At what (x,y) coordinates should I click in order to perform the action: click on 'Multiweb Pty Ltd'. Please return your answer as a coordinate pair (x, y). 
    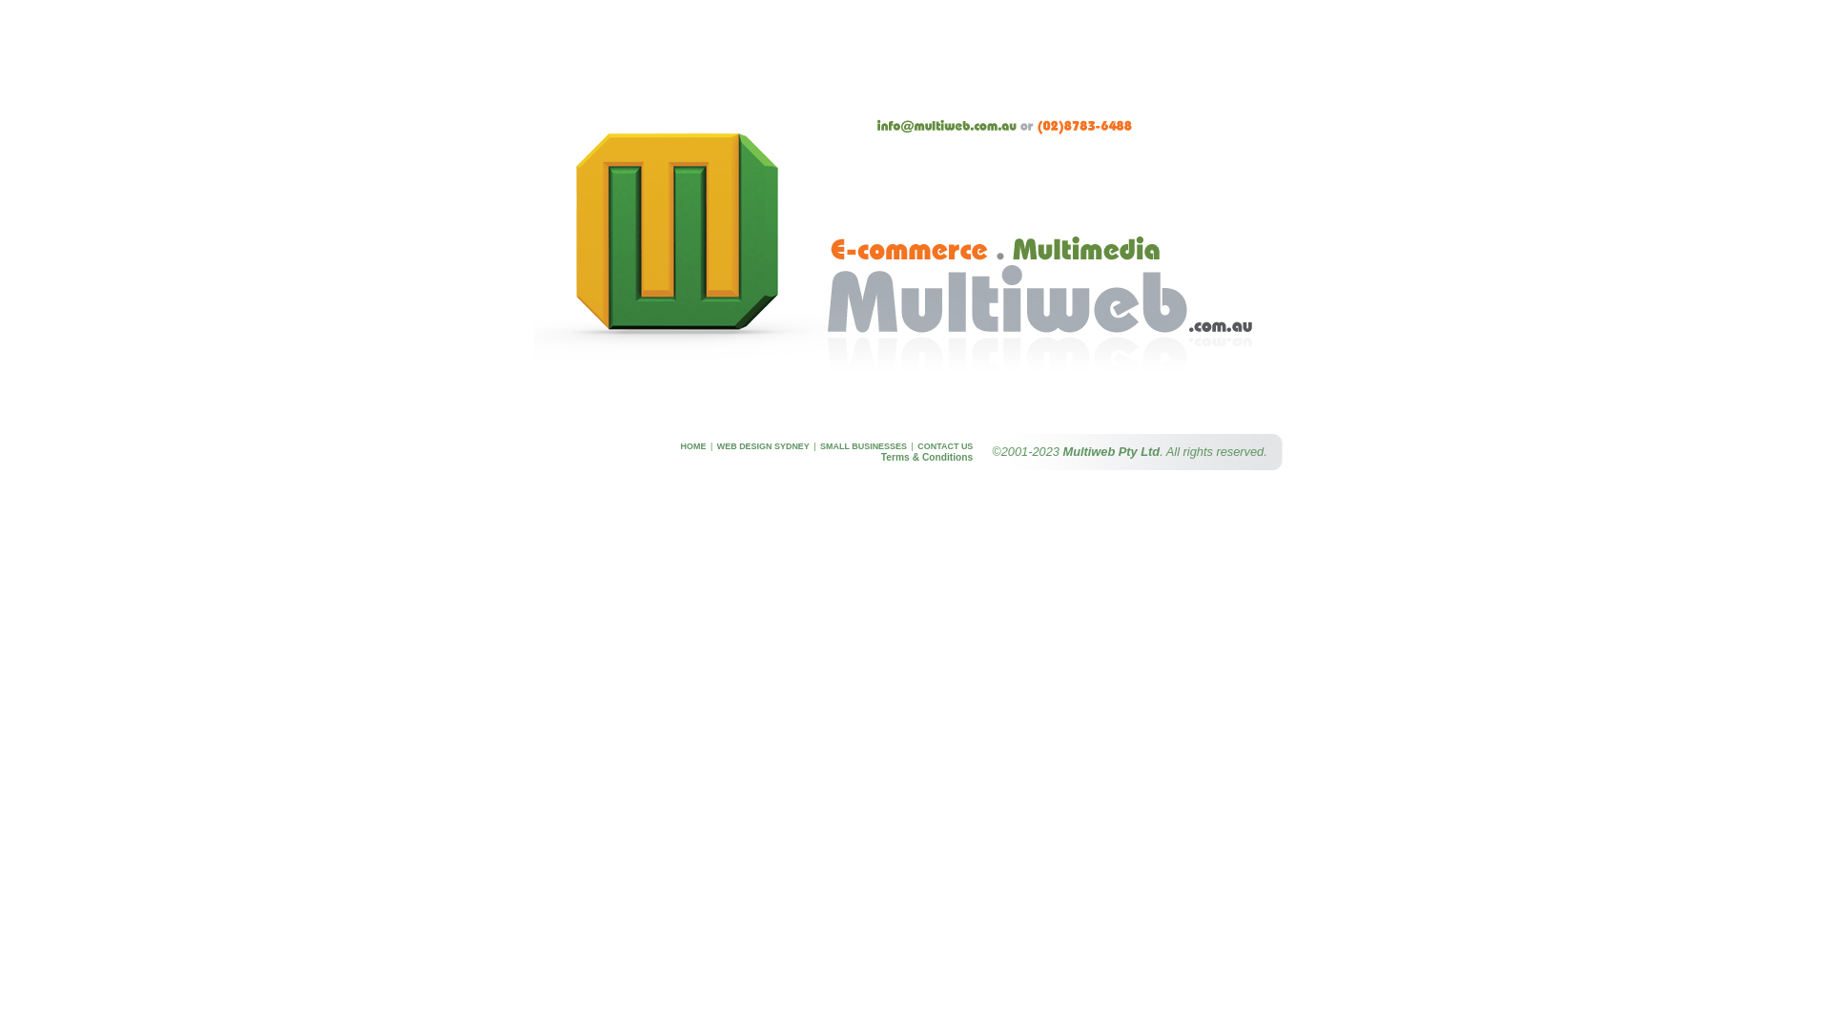
    Looking at the image, I should click on (1112, 451).